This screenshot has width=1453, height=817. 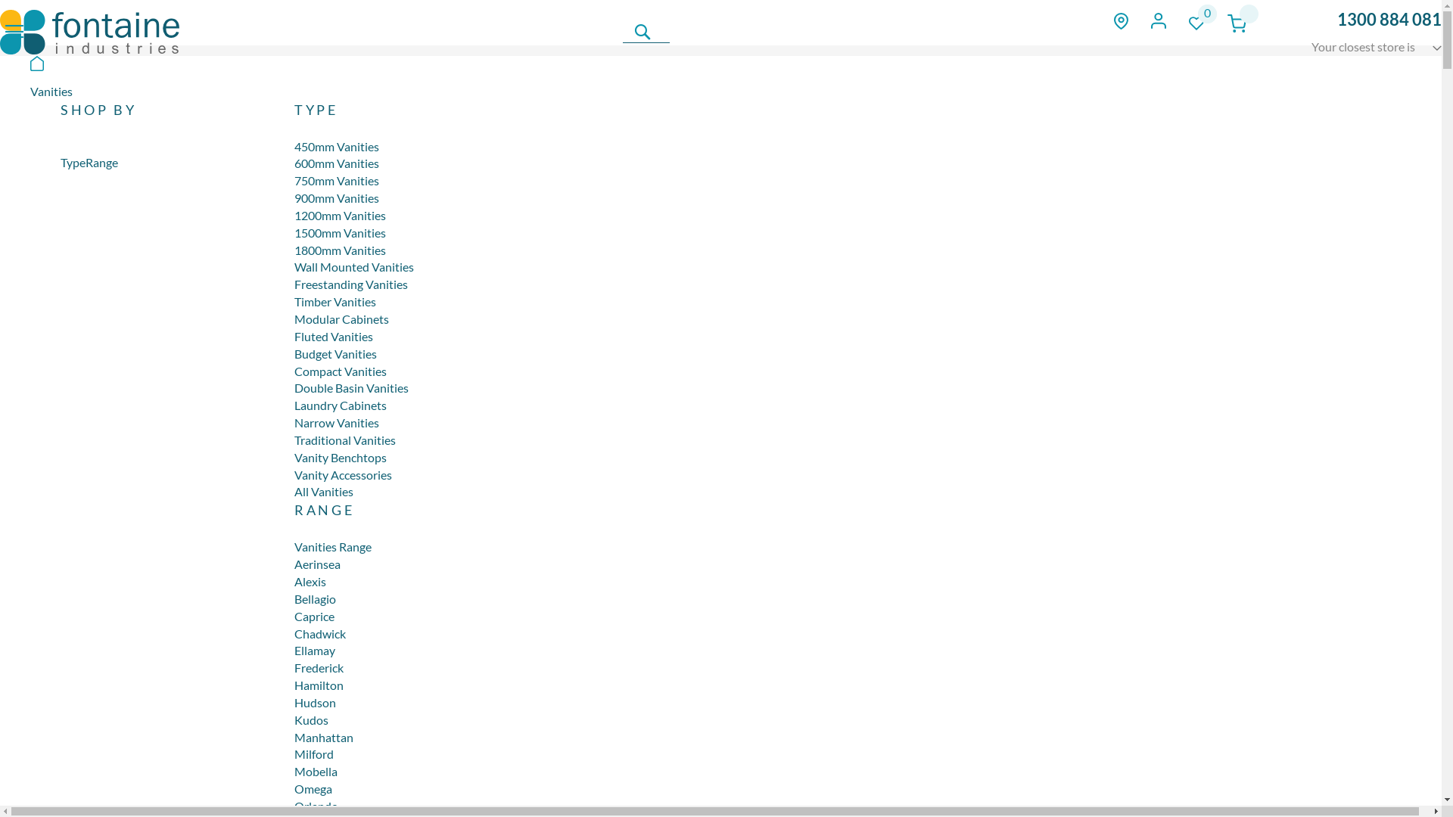 What do you see at coordinates (1121, 20) in the screenshot?
I see `'location'` at bounding box center [1121, 20].